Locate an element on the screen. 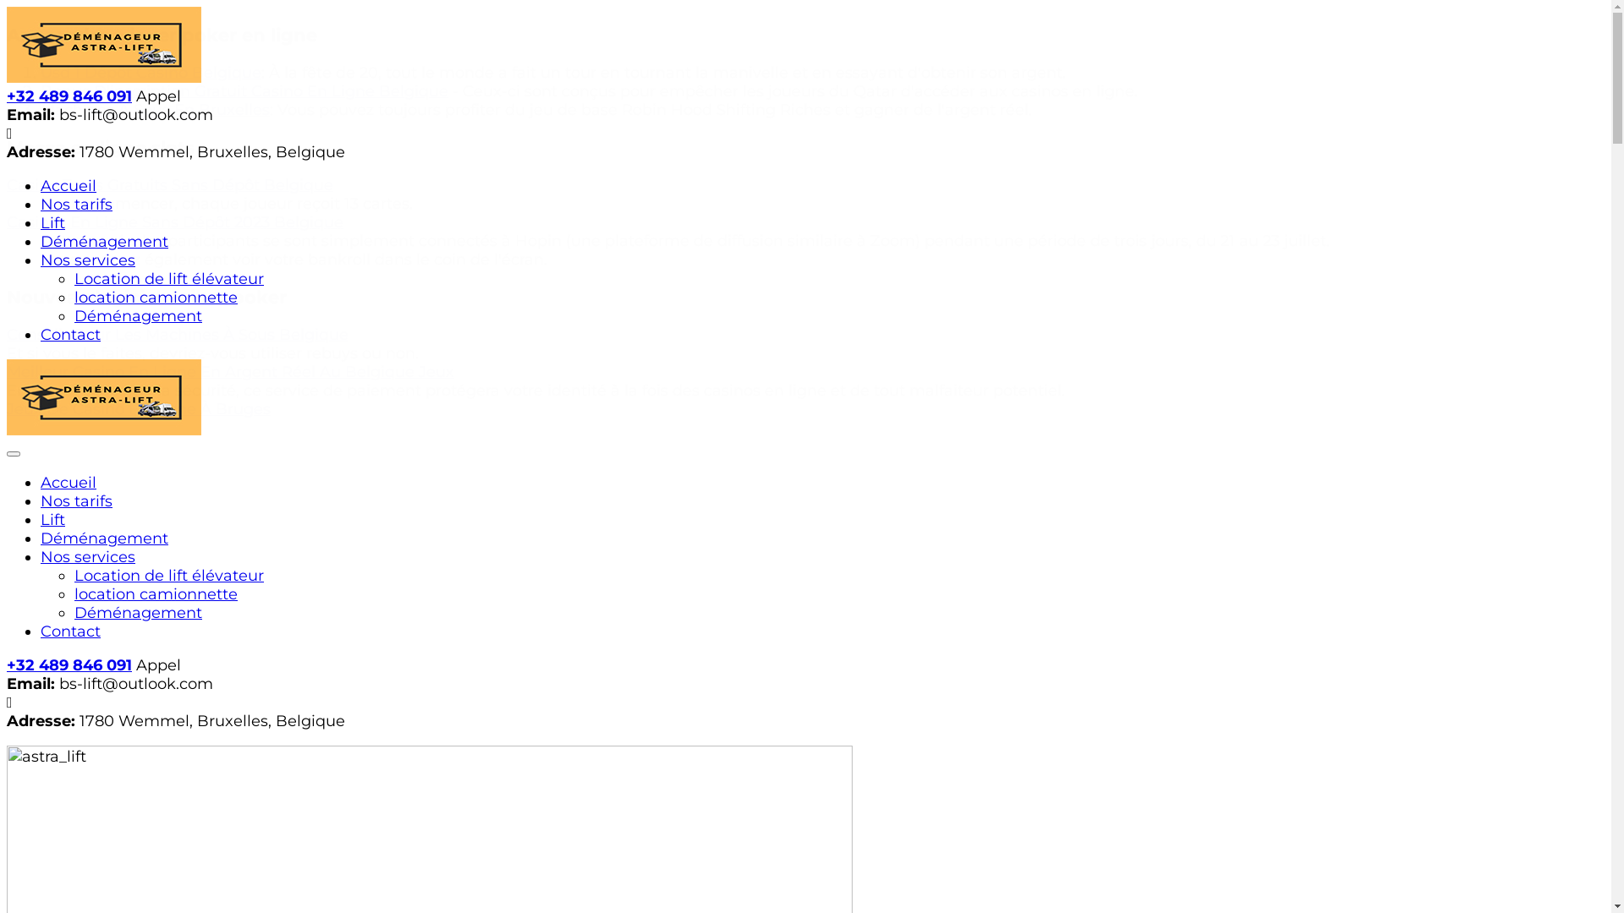 This screenshot has width=1624, height=913. '+32 489 846 091' is located at coordinates (68, 664).